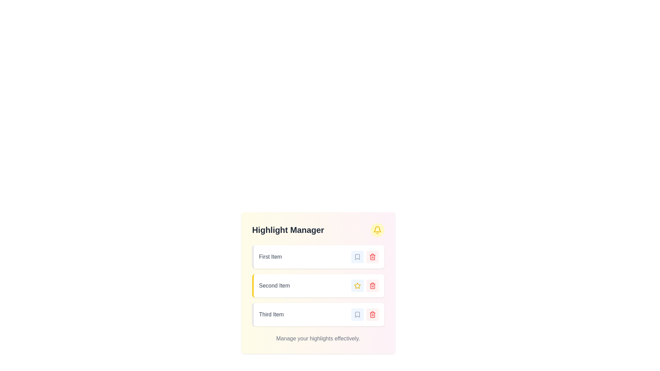 The height and width of the screenshot is (371, 660). What do you see at coordinates (270, 257) in the screenshot?
I see `text content of the 'First Item' label, which is a gray-colored text with medium font weight located at the top of the 'Highlight Manager' section` at bounding box center [270, 257].